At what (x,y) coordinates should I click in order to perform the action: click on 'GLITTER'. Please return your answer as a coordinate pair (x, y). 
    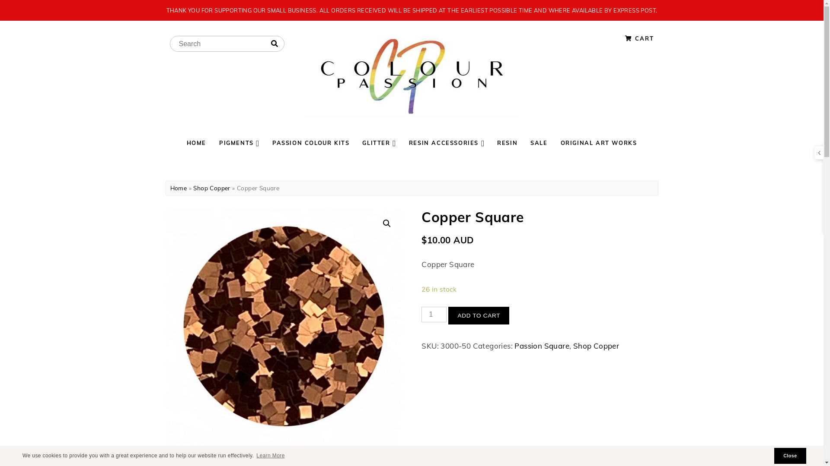
    Looking at the image, I should click on (355, 142).